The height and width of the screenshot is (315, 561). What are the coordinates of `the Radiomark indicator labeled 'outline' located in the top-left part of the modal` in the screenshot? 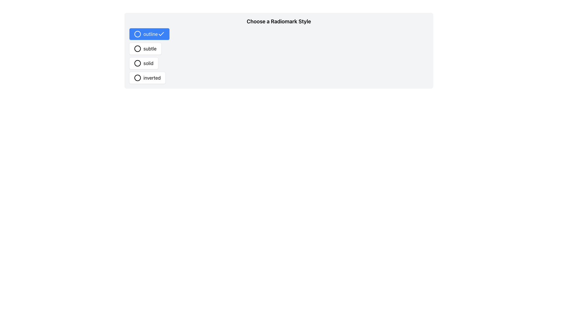 It's located at (137, 34).